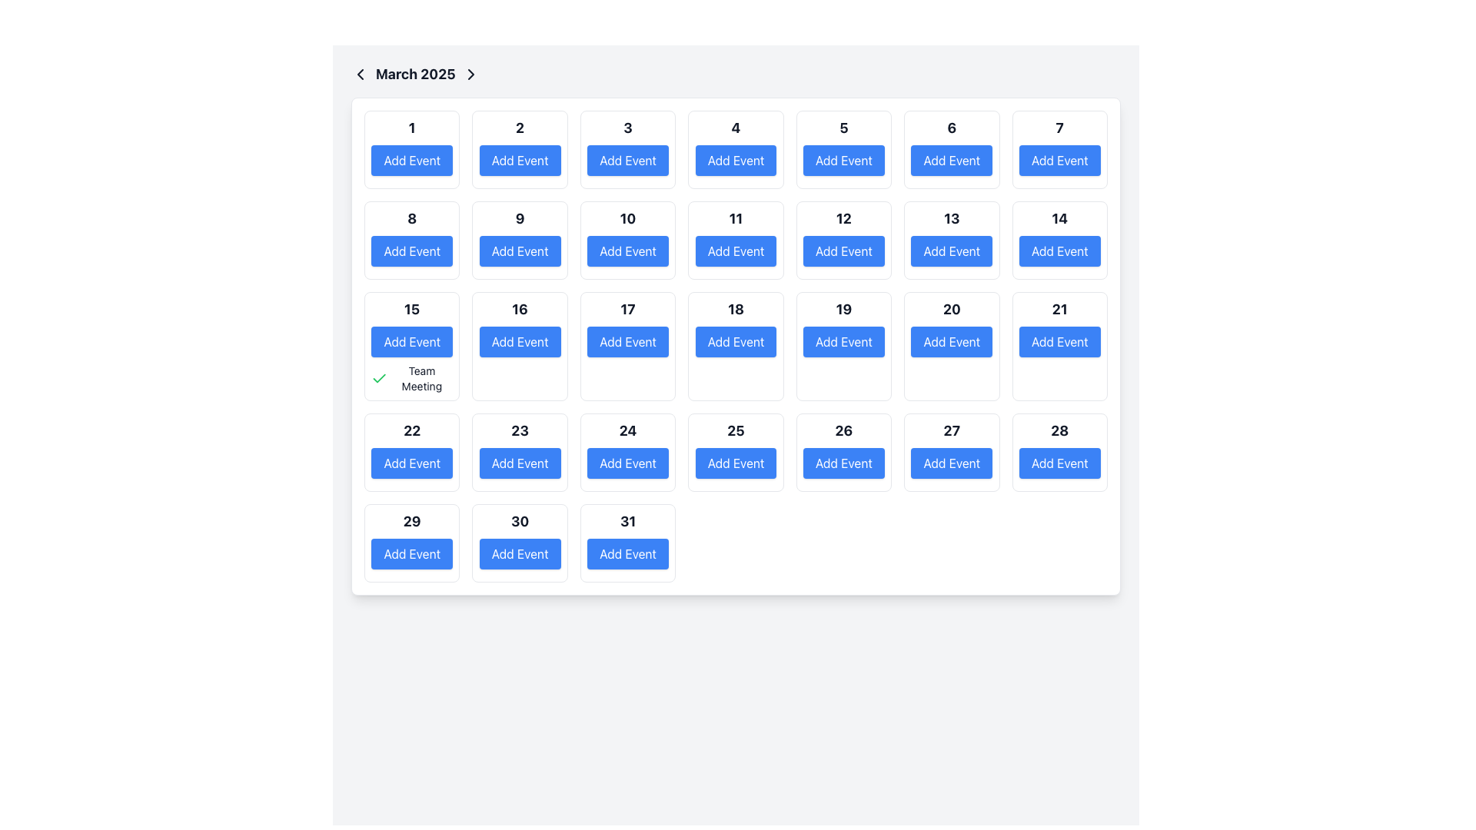 Image resolution: width=1476 pixels, height=830 pixels. I want to click on the blue rectangular button labeled 'Add Event' located under the heading '7' in the calendar grid, so click(1059, 160).